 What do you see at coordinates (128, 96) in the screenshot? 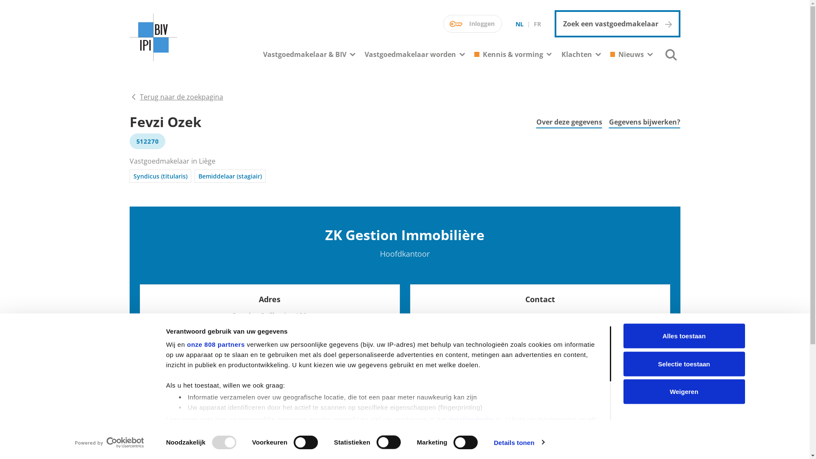
I see `'Terug naar de zoekpagina'` at bounding box center [128, 96].